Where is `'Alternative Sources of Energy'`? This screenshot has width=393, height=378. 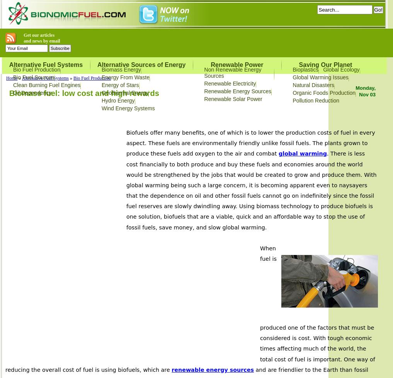 'Alternative Sources of Energy' is located at coordinates (141, 64).